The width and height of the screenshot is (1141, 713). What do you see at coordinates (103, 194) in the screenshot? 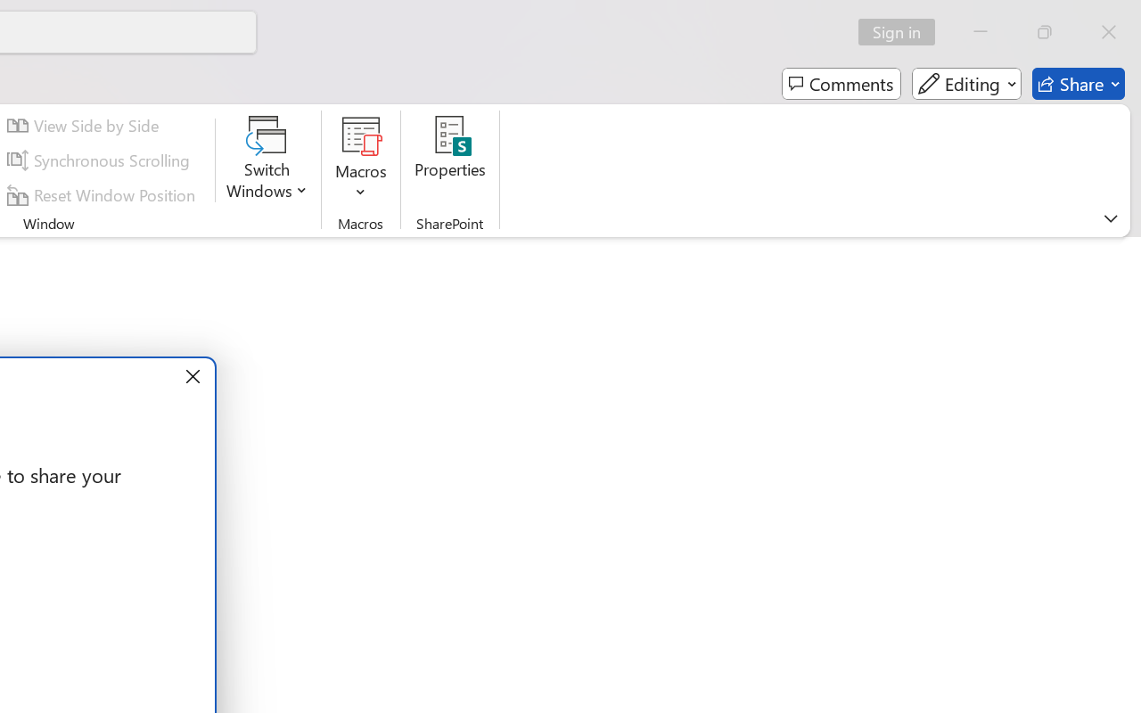
I see `'Reset Window Position'` at bounding box center [103, 194].